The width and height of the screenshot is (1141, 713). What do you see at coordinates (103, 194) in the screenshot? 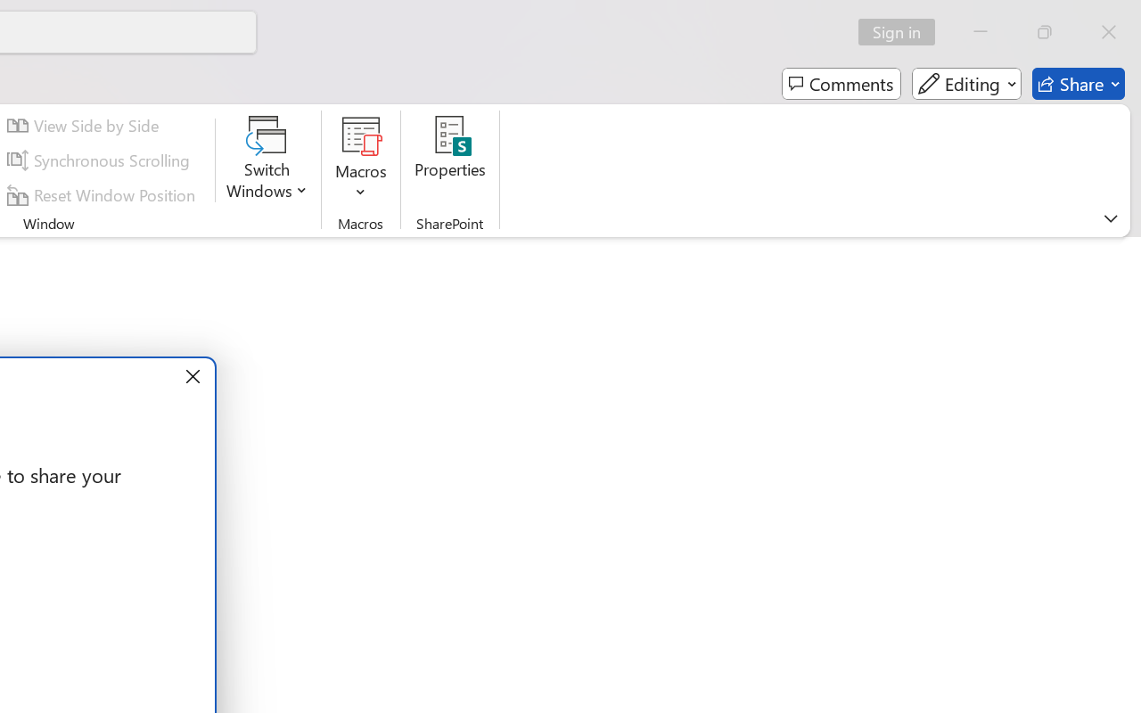
I see `'Reset Window Position'` at bounding box center [103, 194].